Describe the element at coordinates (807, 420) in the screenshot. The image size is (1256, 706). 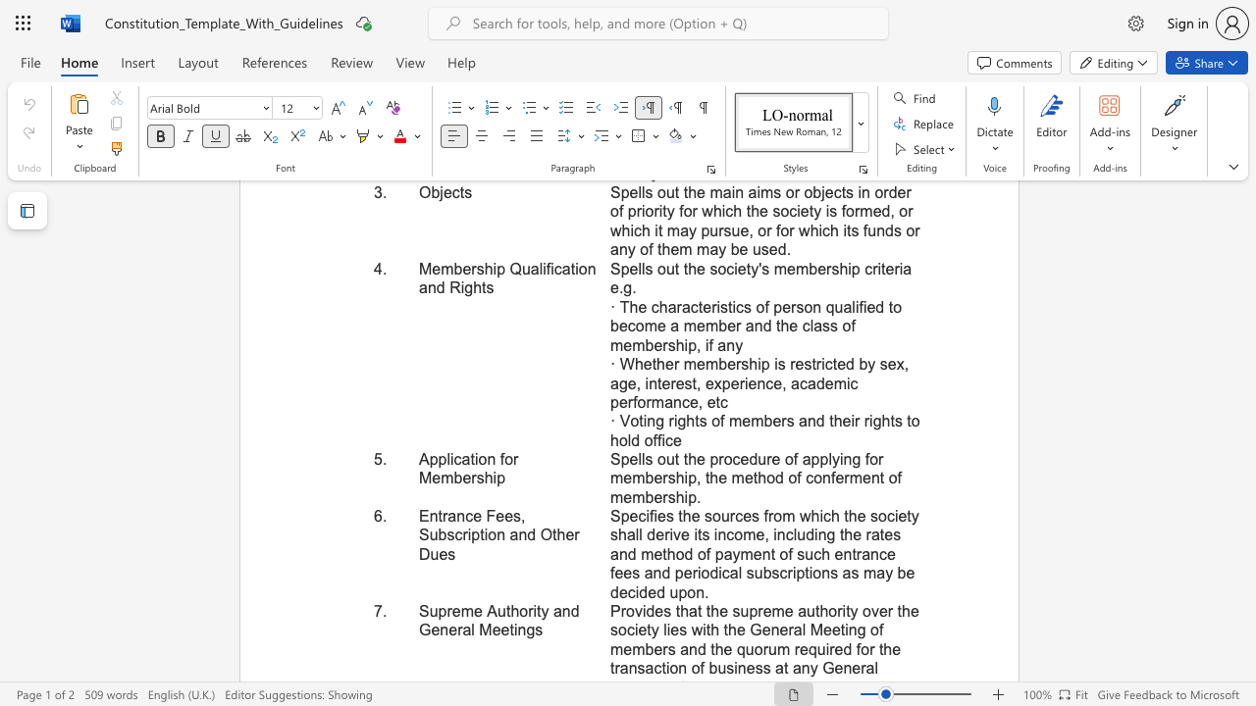
I see `the subset text "nd their ri" within the text "· Voting rights of members and their rights to hold office"` at that location.